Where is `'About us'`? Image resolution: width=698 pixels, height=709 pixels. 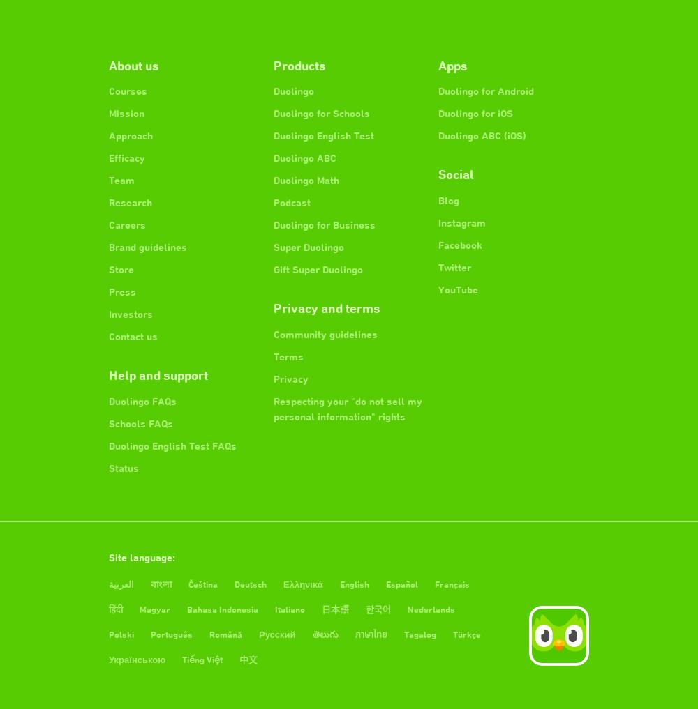
'About us' is located at coordinates (109, 65).